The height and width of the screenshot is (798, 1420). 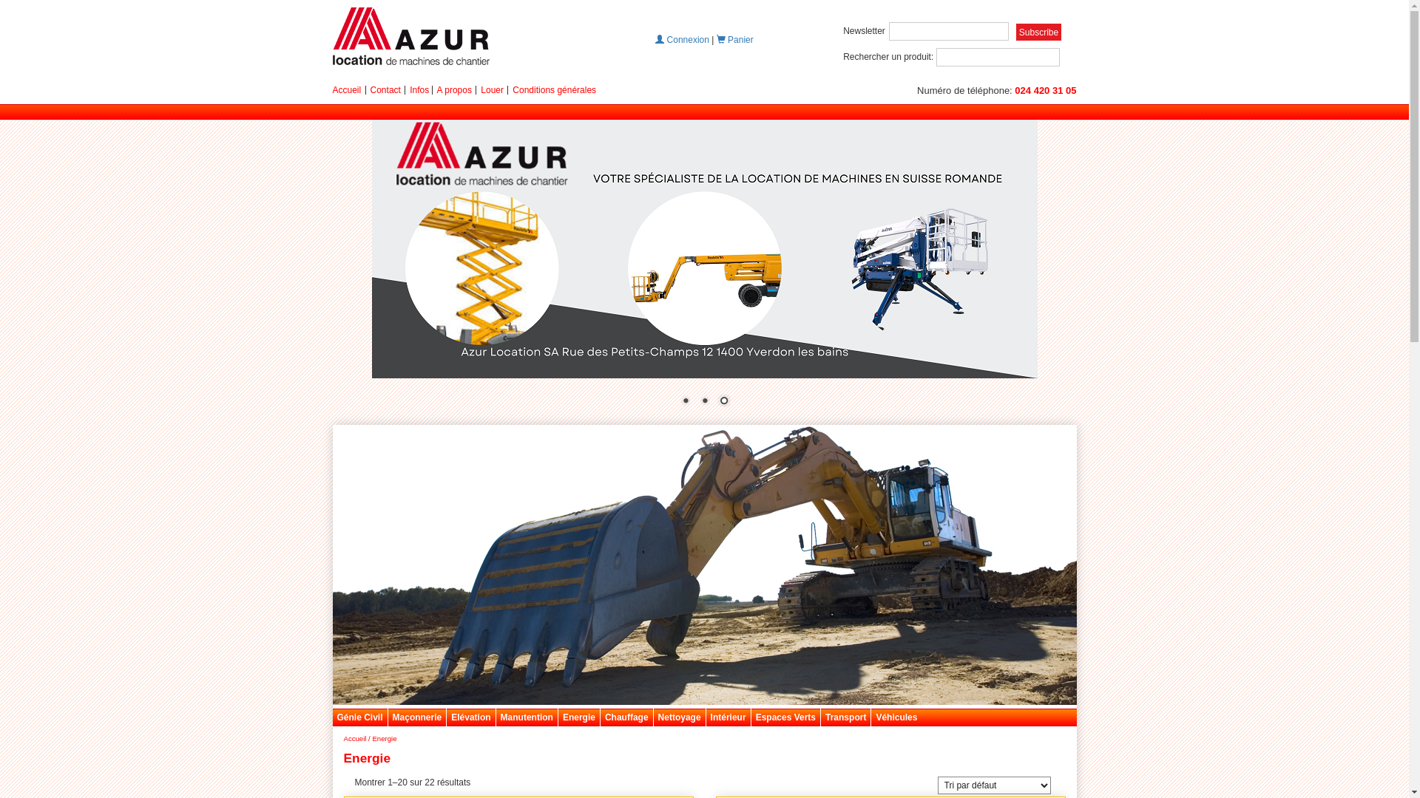 I want to click on 'A propos', so click(x=453, y=90).